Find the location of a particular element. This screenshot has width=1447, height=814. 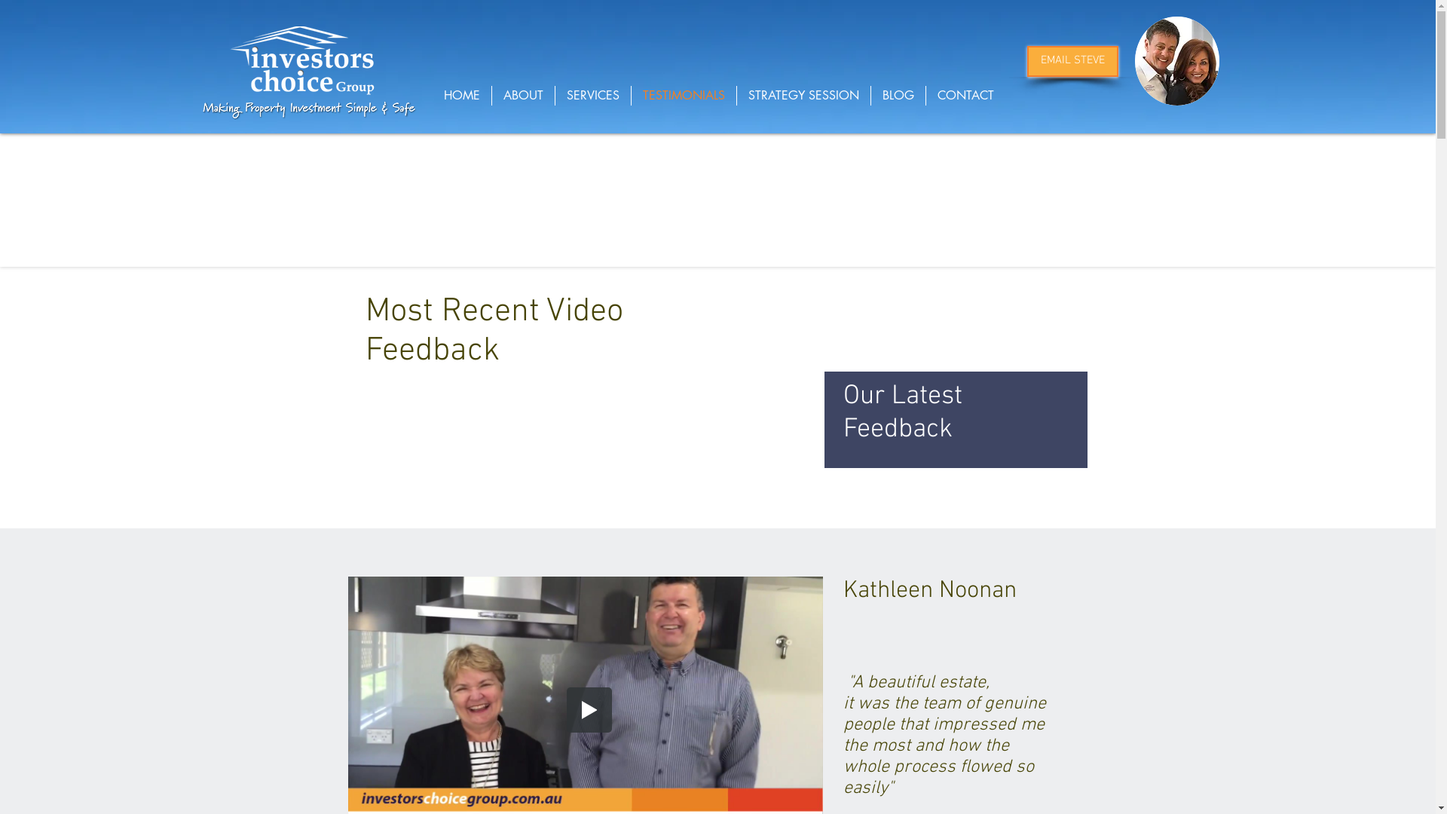

'EMAIL STEVE' is located at coordinates (1071, 60).